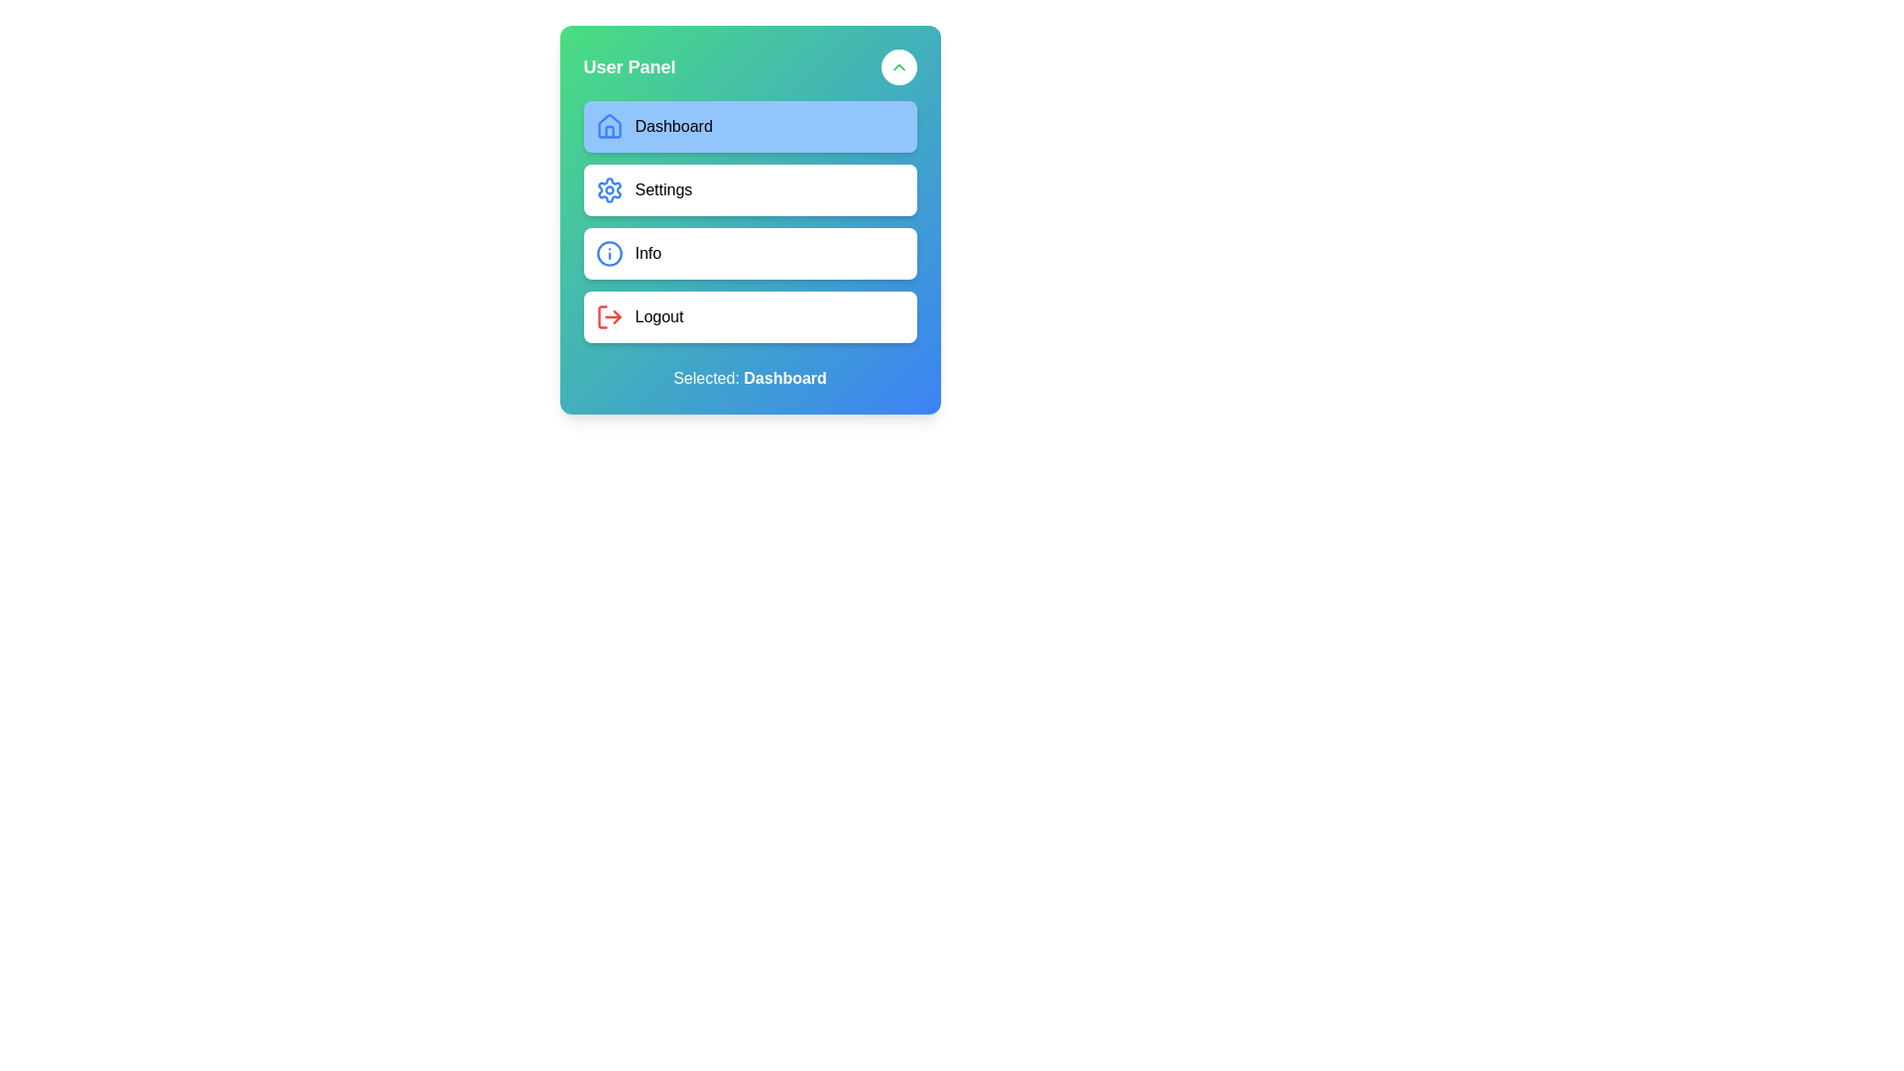 The height and width of the screenshot is (1071, 1904). Describe the element at coordinates (749, 220) in the screenshot. I see `the 'Settings' button in the User Panel using keyboard navigation` at that location.